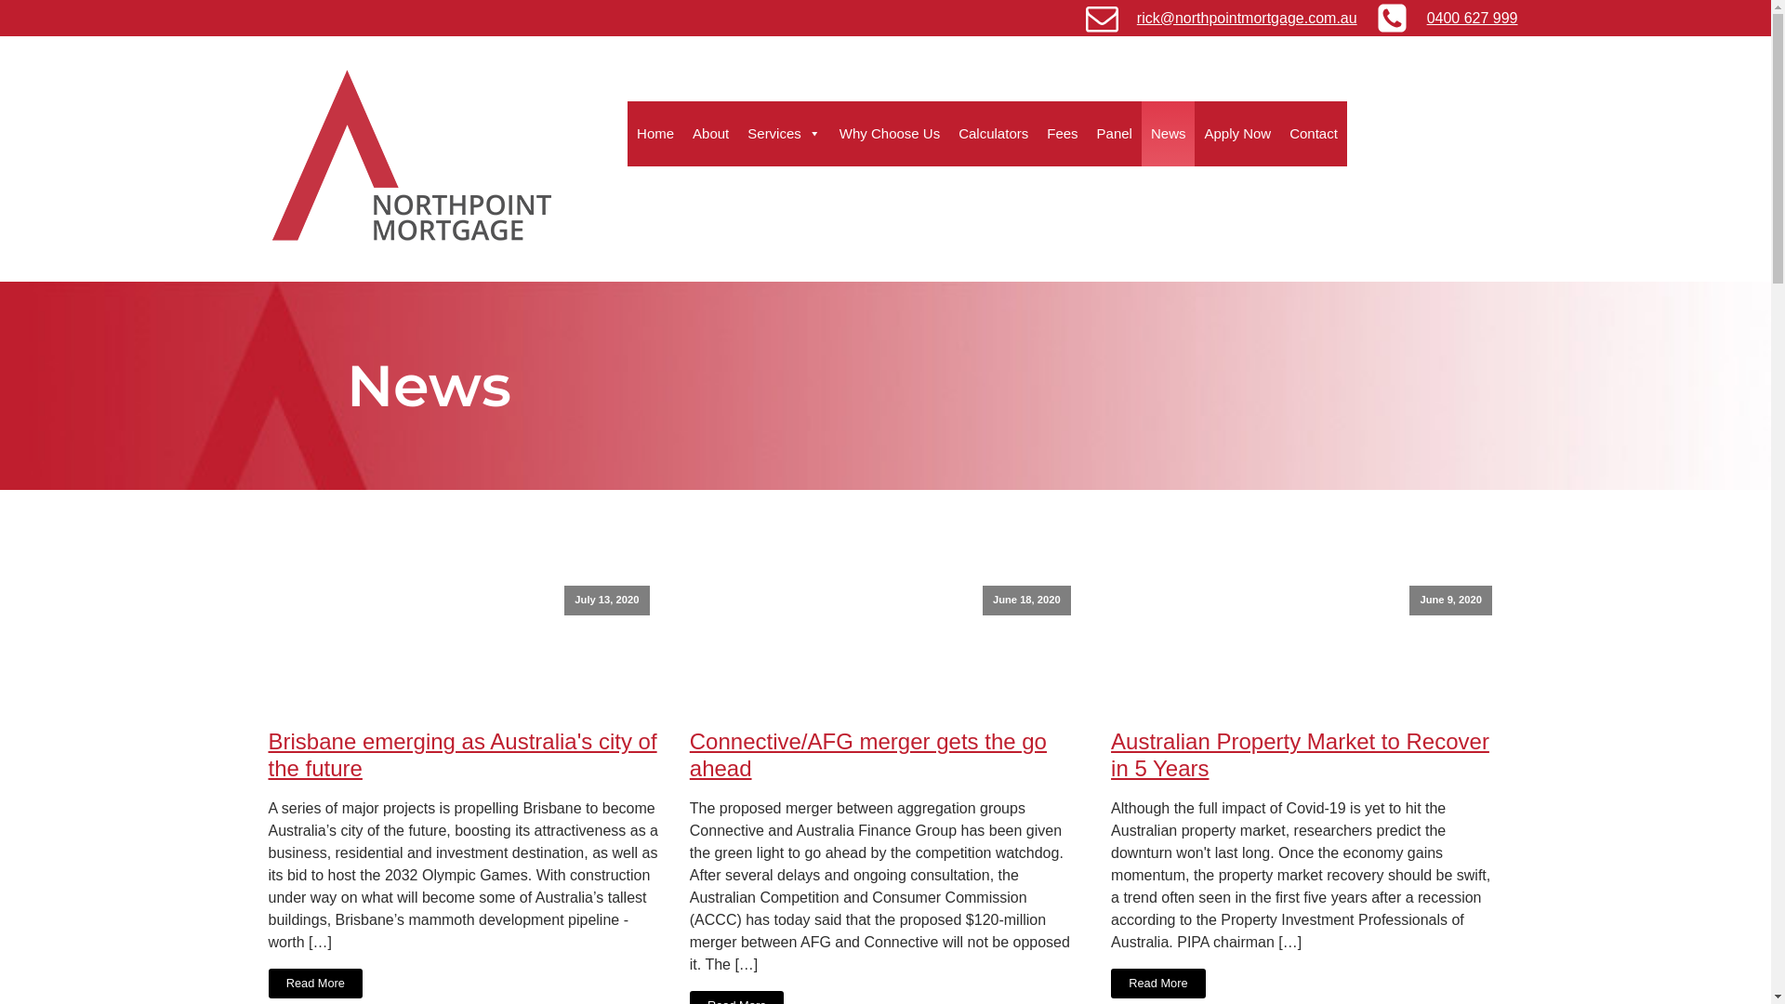 The width and height of the screenshot is (1785, 1004). What do you see at coordinates (1312, 132) in the screenshot?
I see `'Contact'` at bounding box center [1312, 132].